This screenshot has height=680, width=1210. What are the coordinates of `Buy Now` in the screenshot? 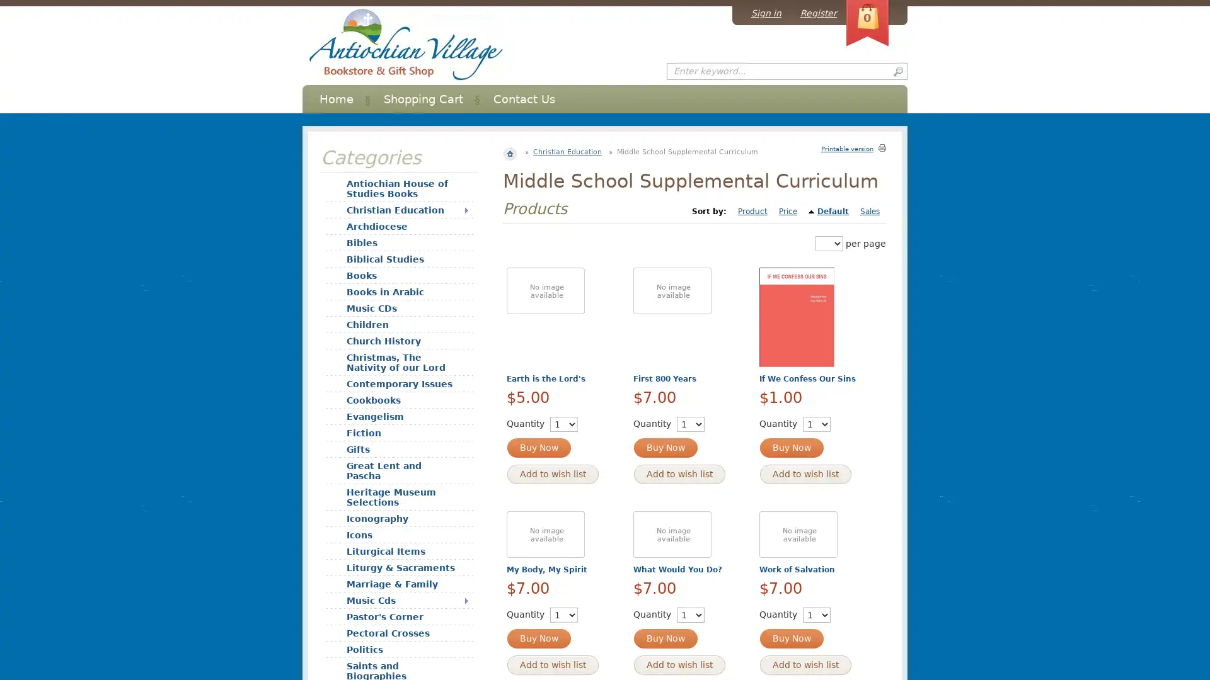 It's located at (539, 638).